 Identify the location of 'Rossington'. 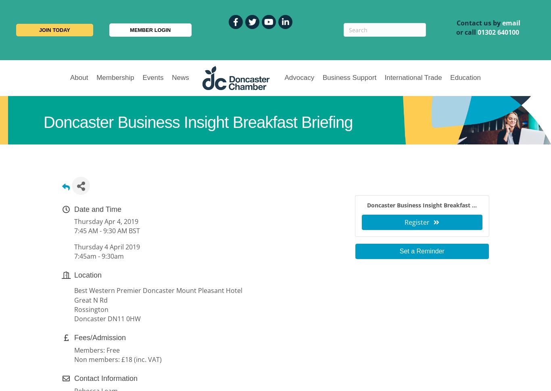
(91, 308).